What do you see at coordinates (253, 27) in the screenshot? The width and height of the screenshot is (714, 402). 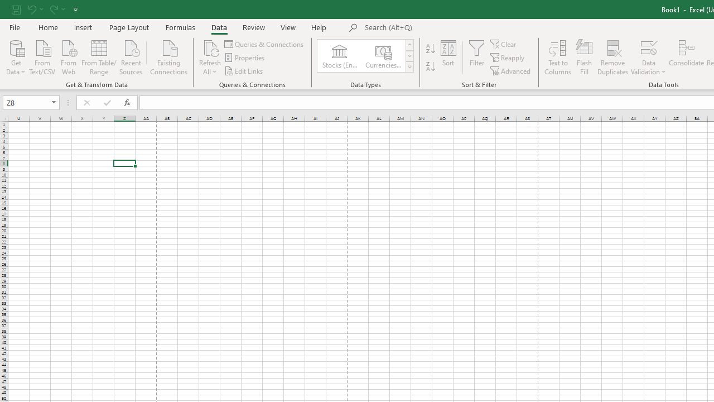 I see `'Review'` at bounding box center [253, 27].